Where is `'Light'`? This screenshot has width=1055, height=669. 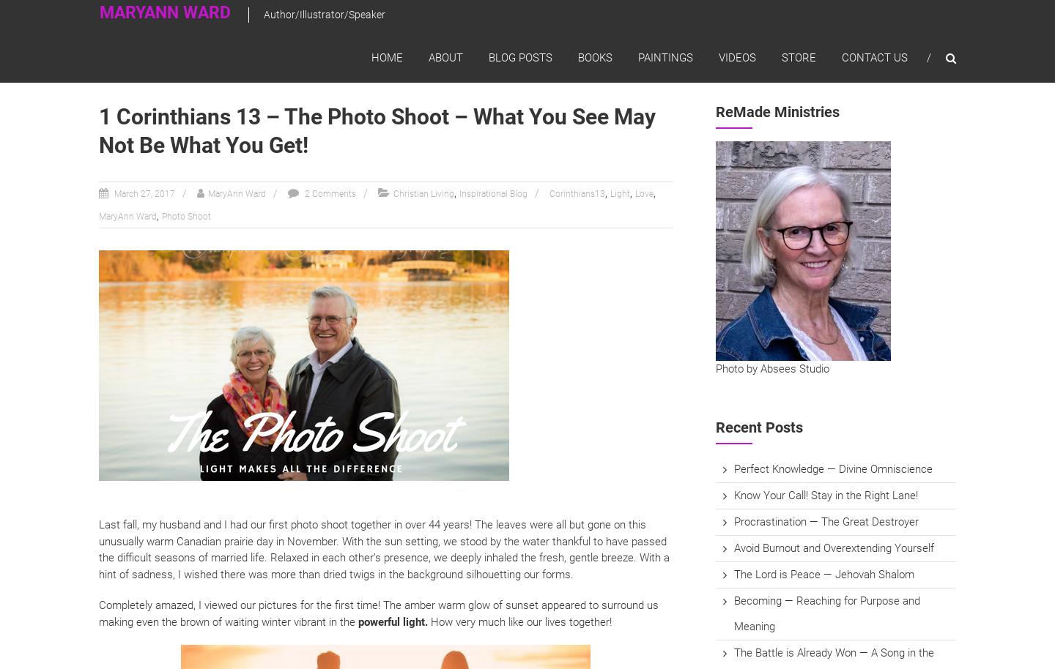 'Light' is located at coordinates (619, 193).